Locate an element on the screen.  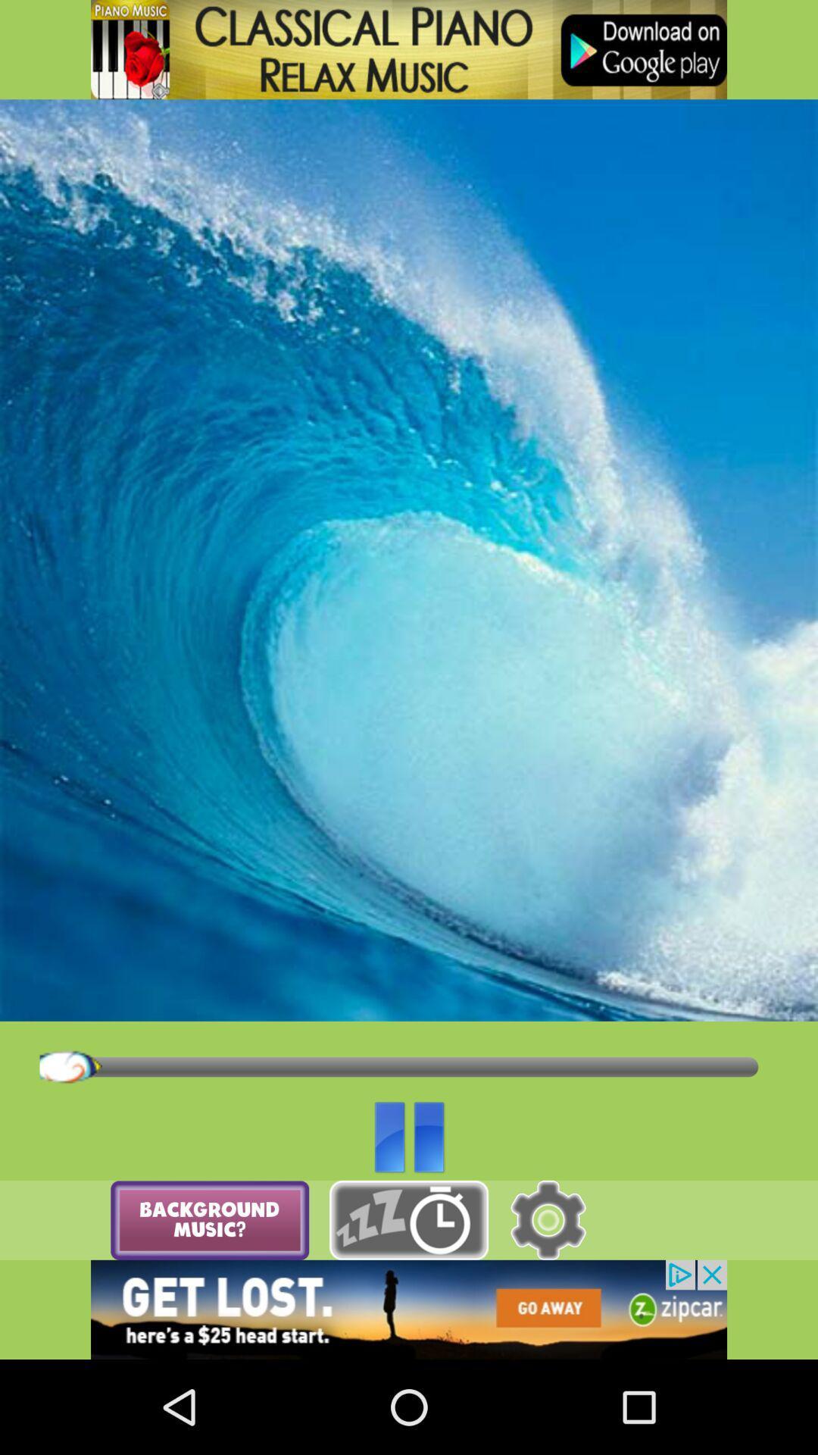
sleep timer is located at coordinates (409, 1220).